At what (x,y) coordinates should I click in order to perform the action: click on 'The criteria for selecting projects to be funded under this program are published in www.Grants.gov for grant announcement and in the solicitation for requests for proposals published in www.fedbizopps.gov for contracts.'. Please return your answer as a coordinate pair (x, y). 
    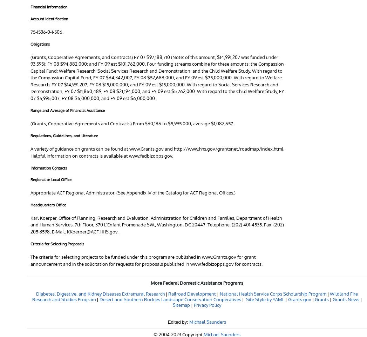
    Looking at the image, I should click on (146, 260).